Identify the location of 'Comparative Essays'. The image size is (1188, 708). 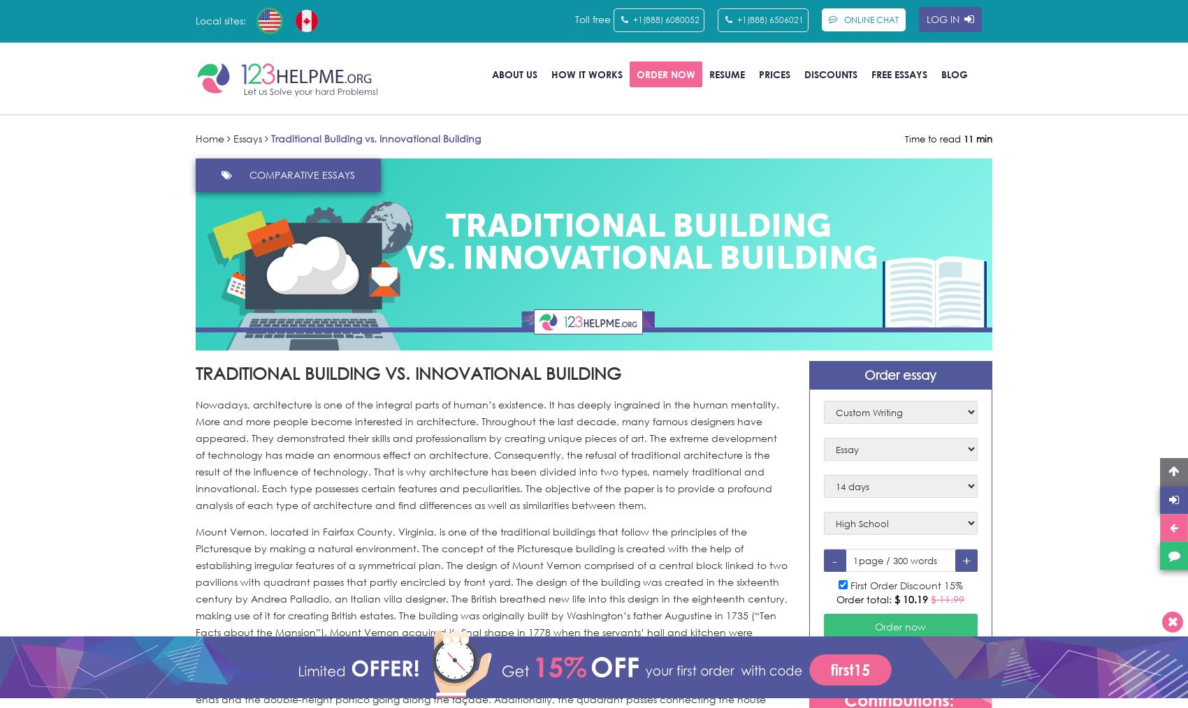
(249, 174).